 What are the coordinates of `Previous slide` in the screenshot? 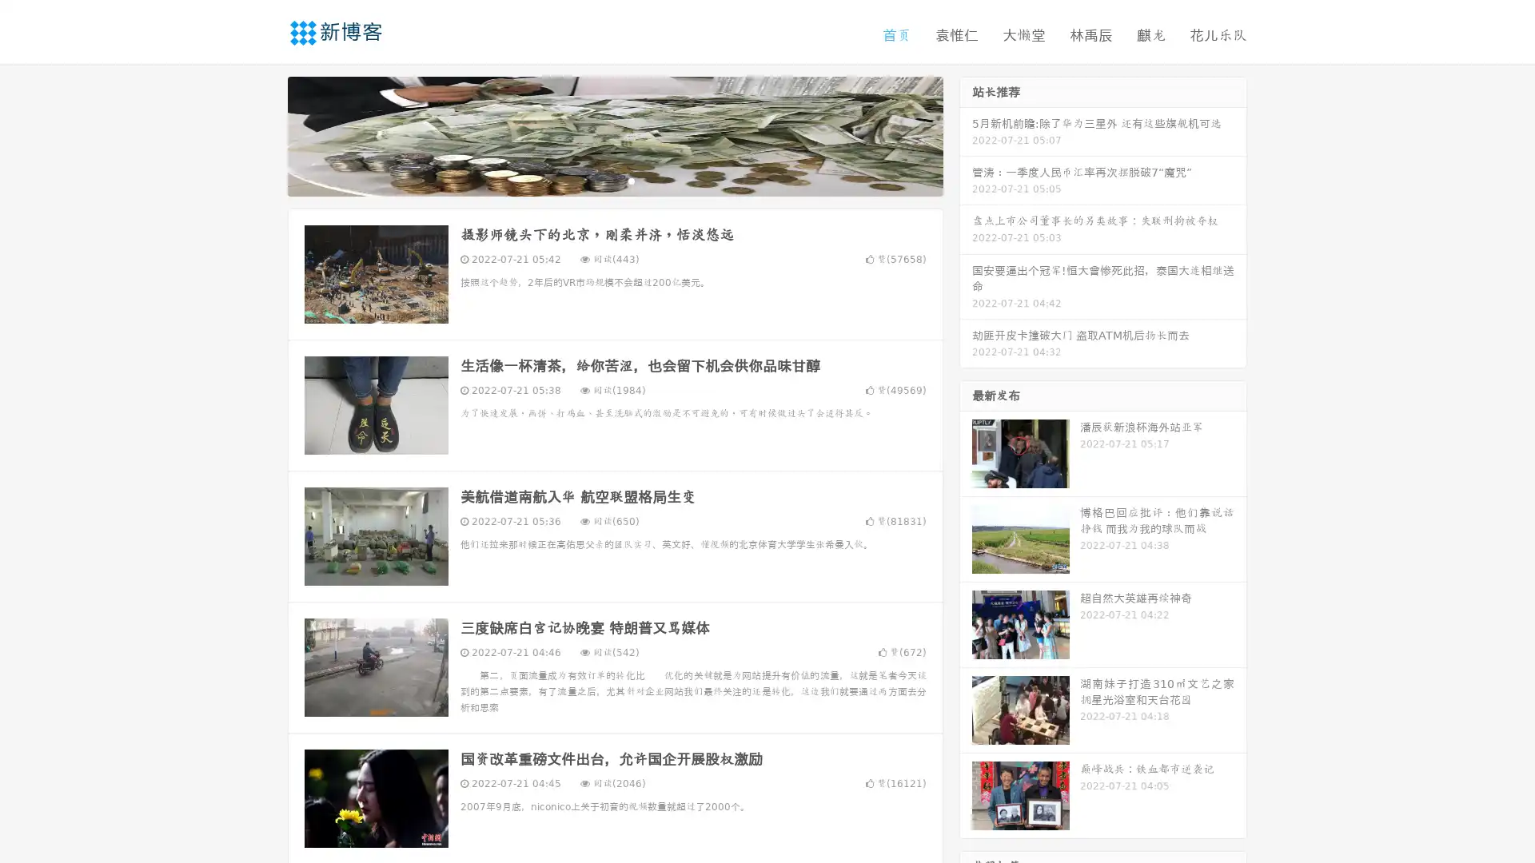 It's located at (264, 134).